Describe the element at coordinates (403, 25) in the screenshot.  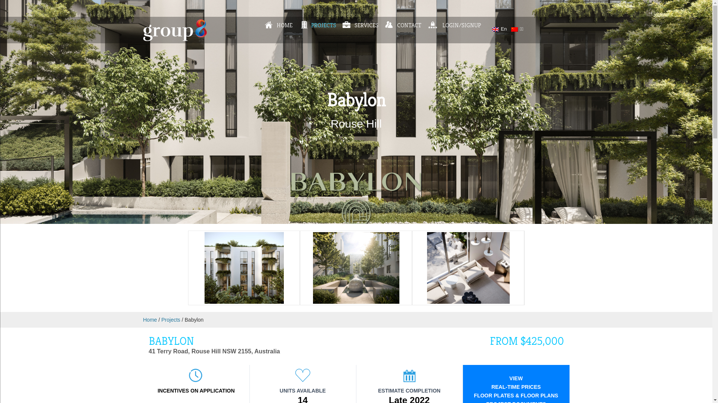
I see `'CONTACT'` at that location.